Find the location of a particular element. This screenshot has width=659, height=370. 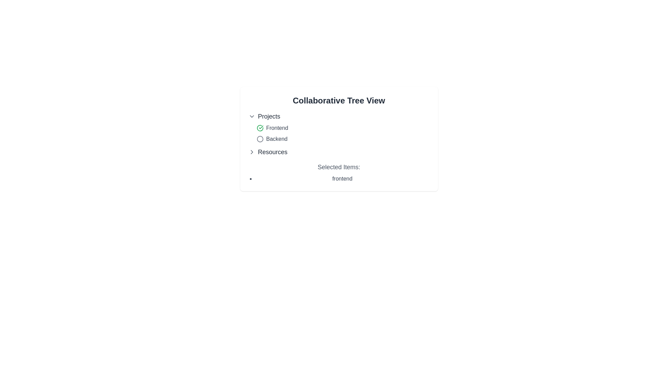

the circle indicator next to the 'Backend' label in the 'Projects' section to represent an inactive or unchecked status is located at coordinates (259, 139).